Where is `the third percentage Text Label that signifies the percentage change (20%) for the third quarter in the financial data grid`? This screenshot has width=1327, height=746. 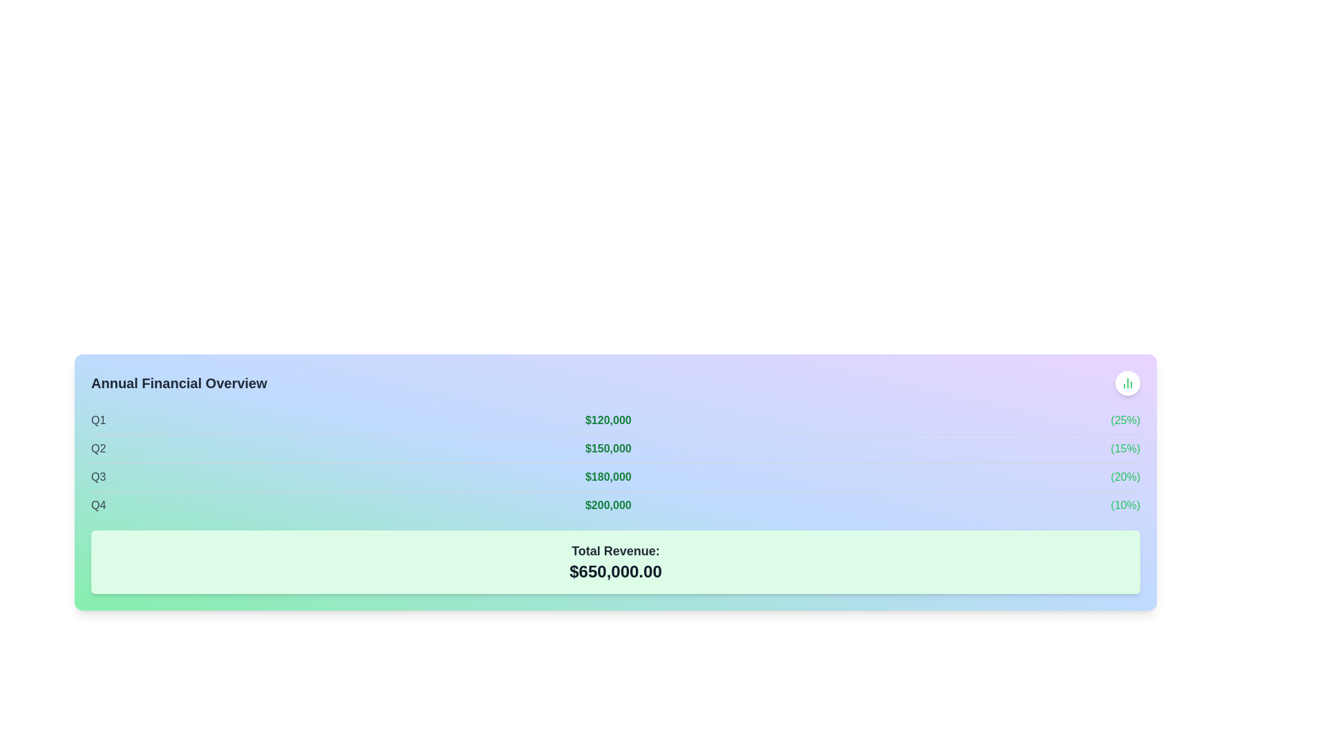 the third percentage Text Label that signifies the percentage change (20%) for the third quarter in the financial data grid is located at coordinates (1125, 476).